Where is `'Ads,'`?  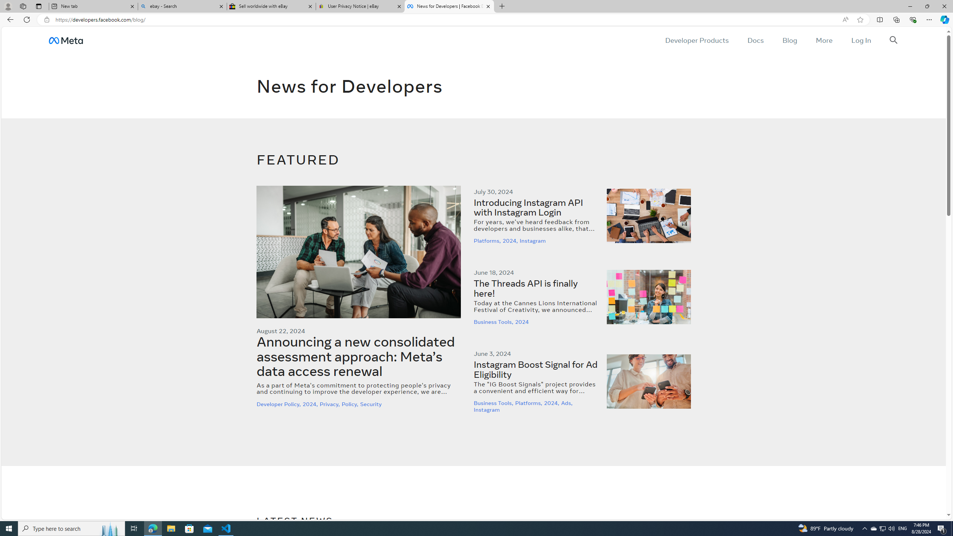
'Ads,' is located at coordinates (567, 403).